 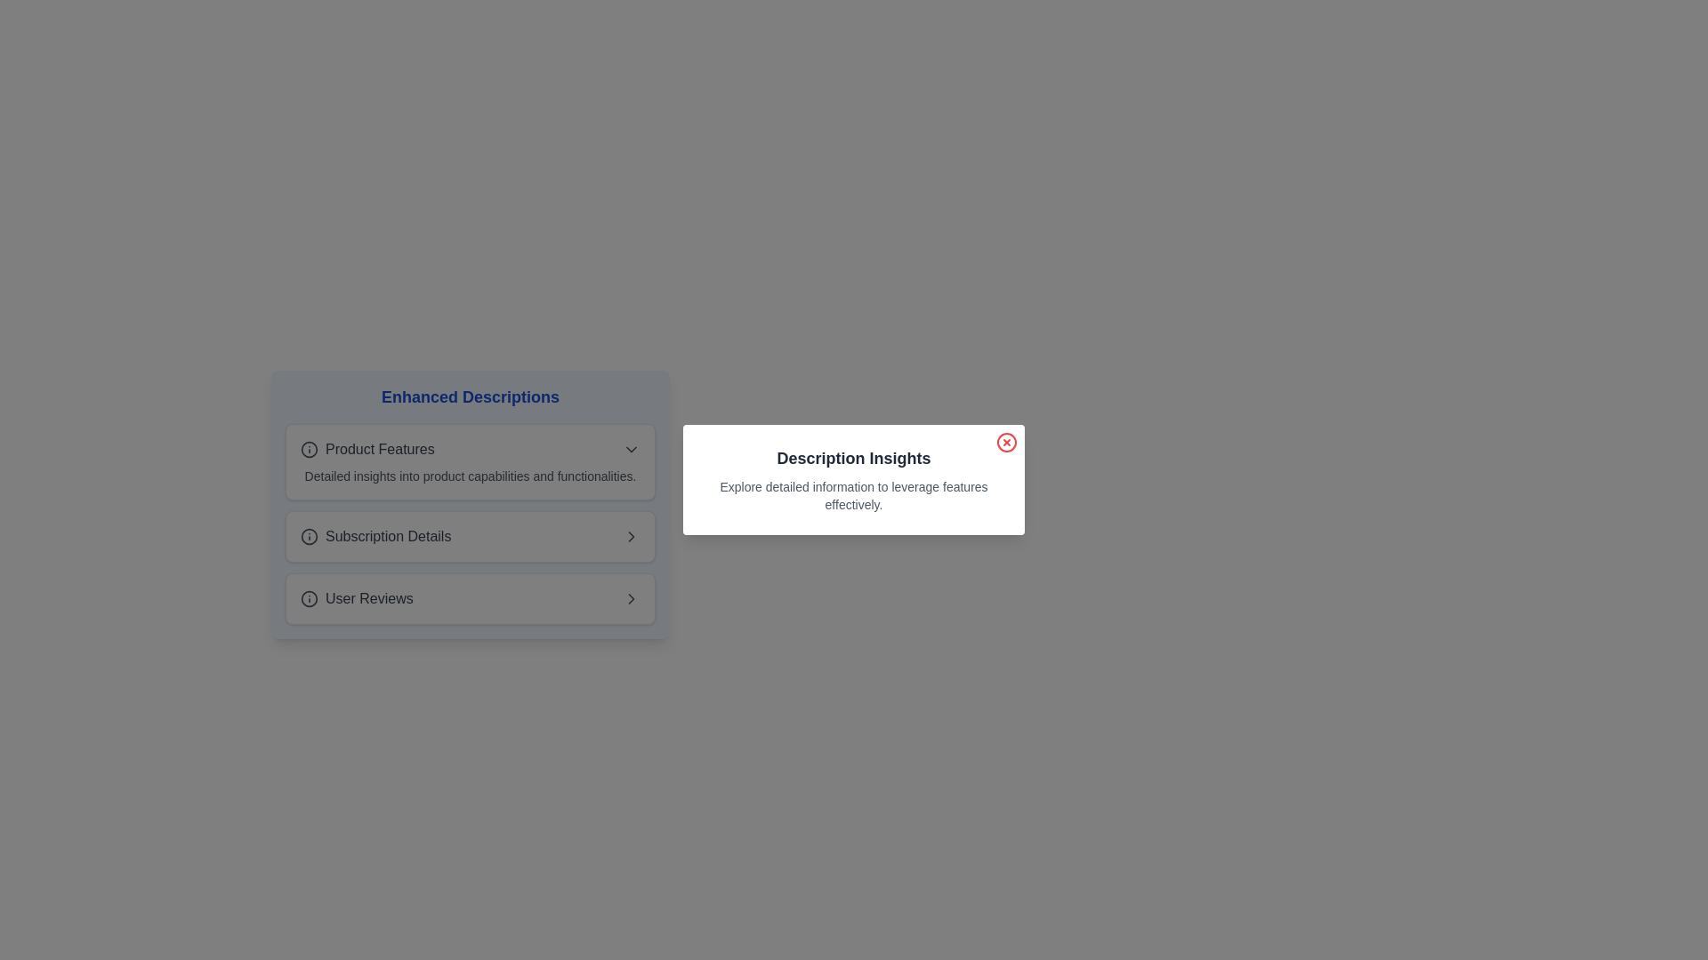 I want to click on the right-pointing arrow icon within the 'Subscription Details' button, so click(x=632, y=536).